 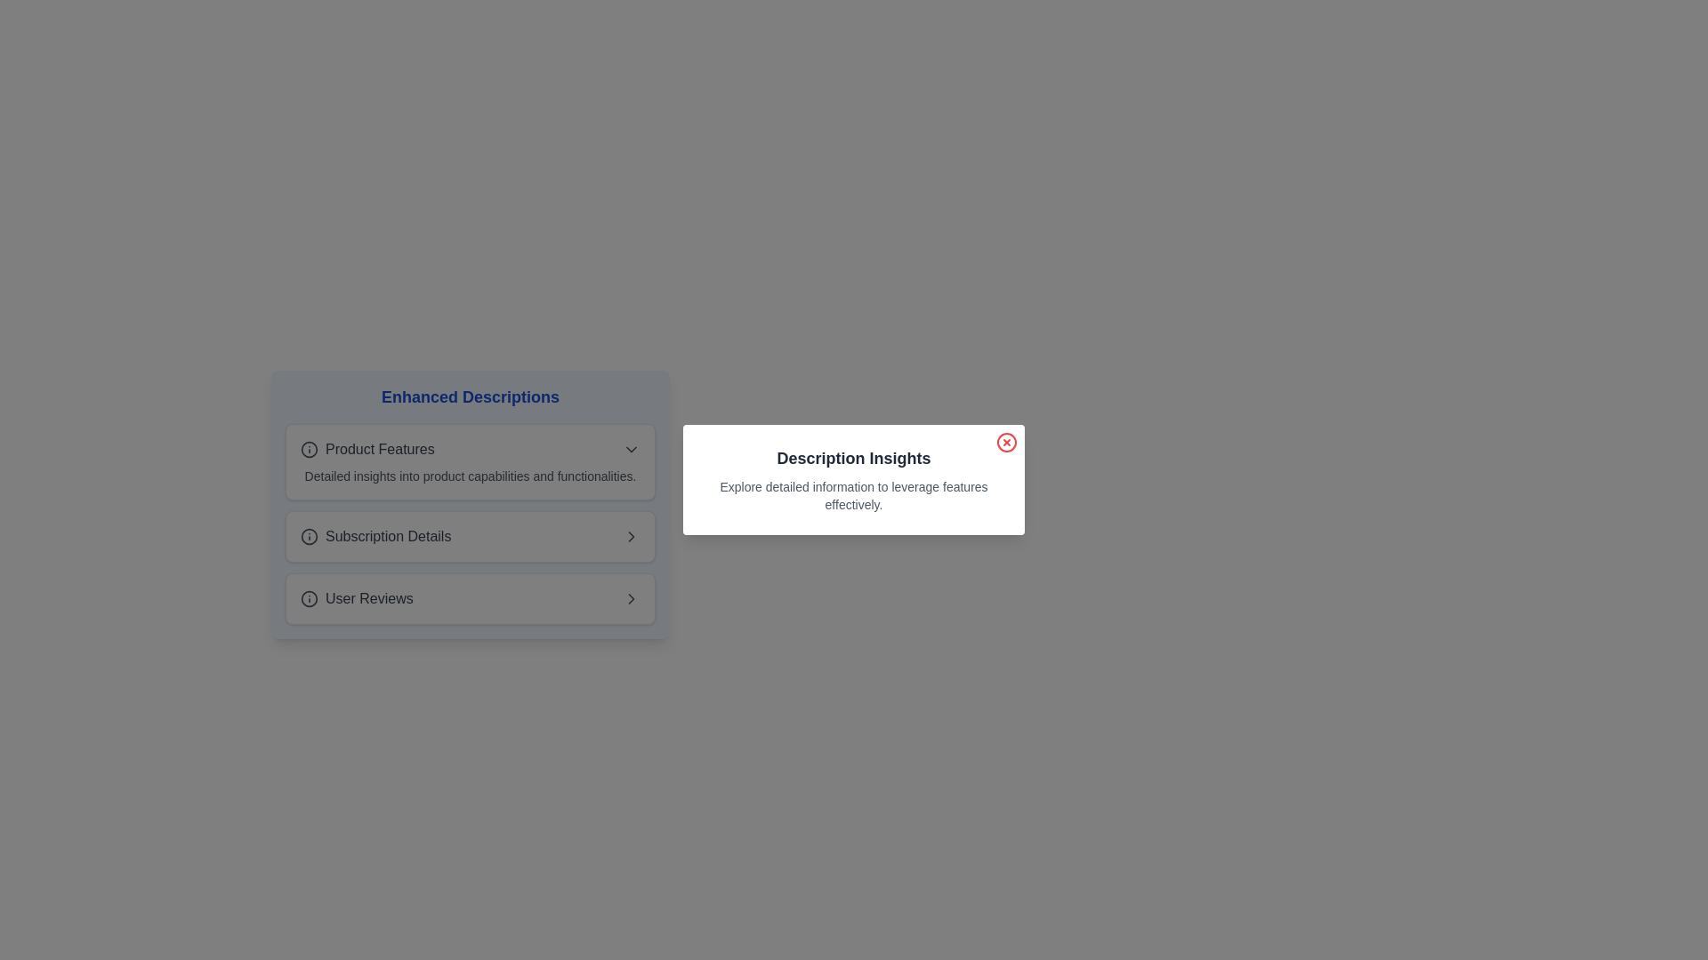 I want to click on the right-pointing arrow icon within the 'Subscription Details' button, so click(x=632, y=536).